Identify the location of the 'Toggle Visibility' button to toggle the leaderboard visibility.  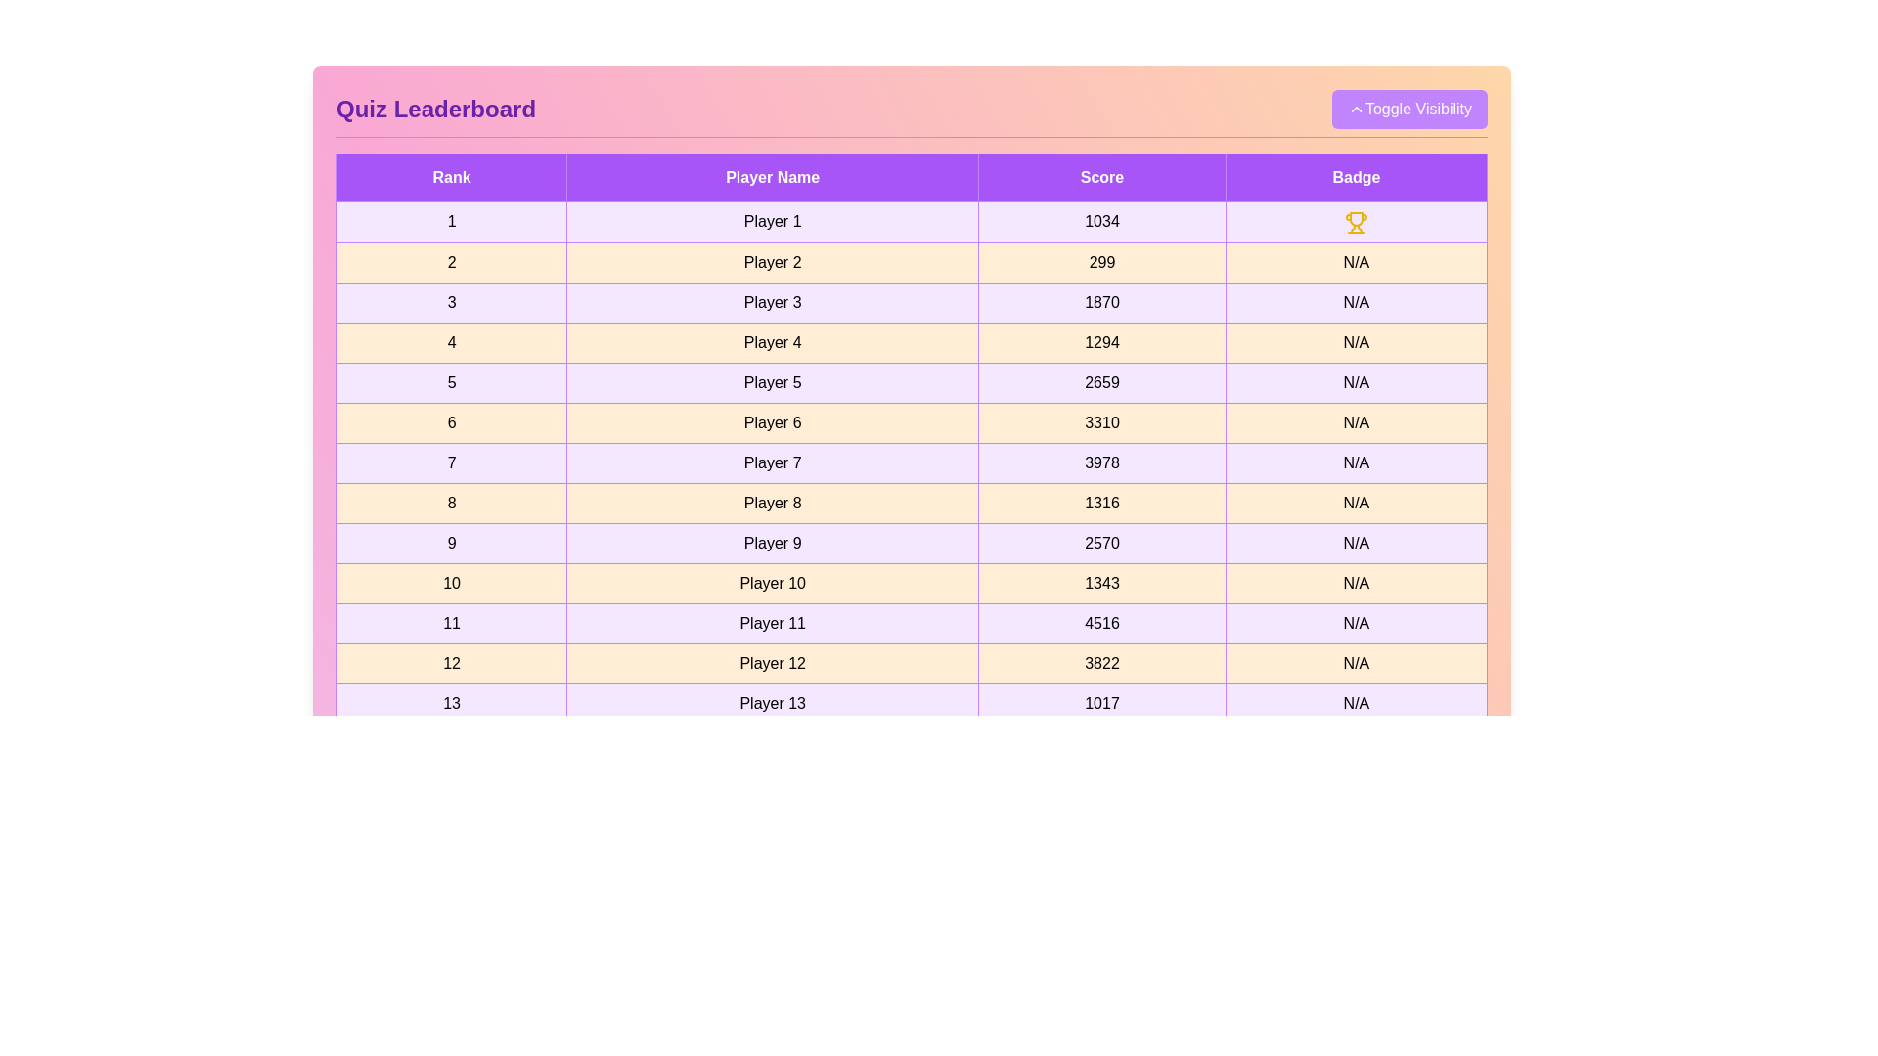
(1408, 109).